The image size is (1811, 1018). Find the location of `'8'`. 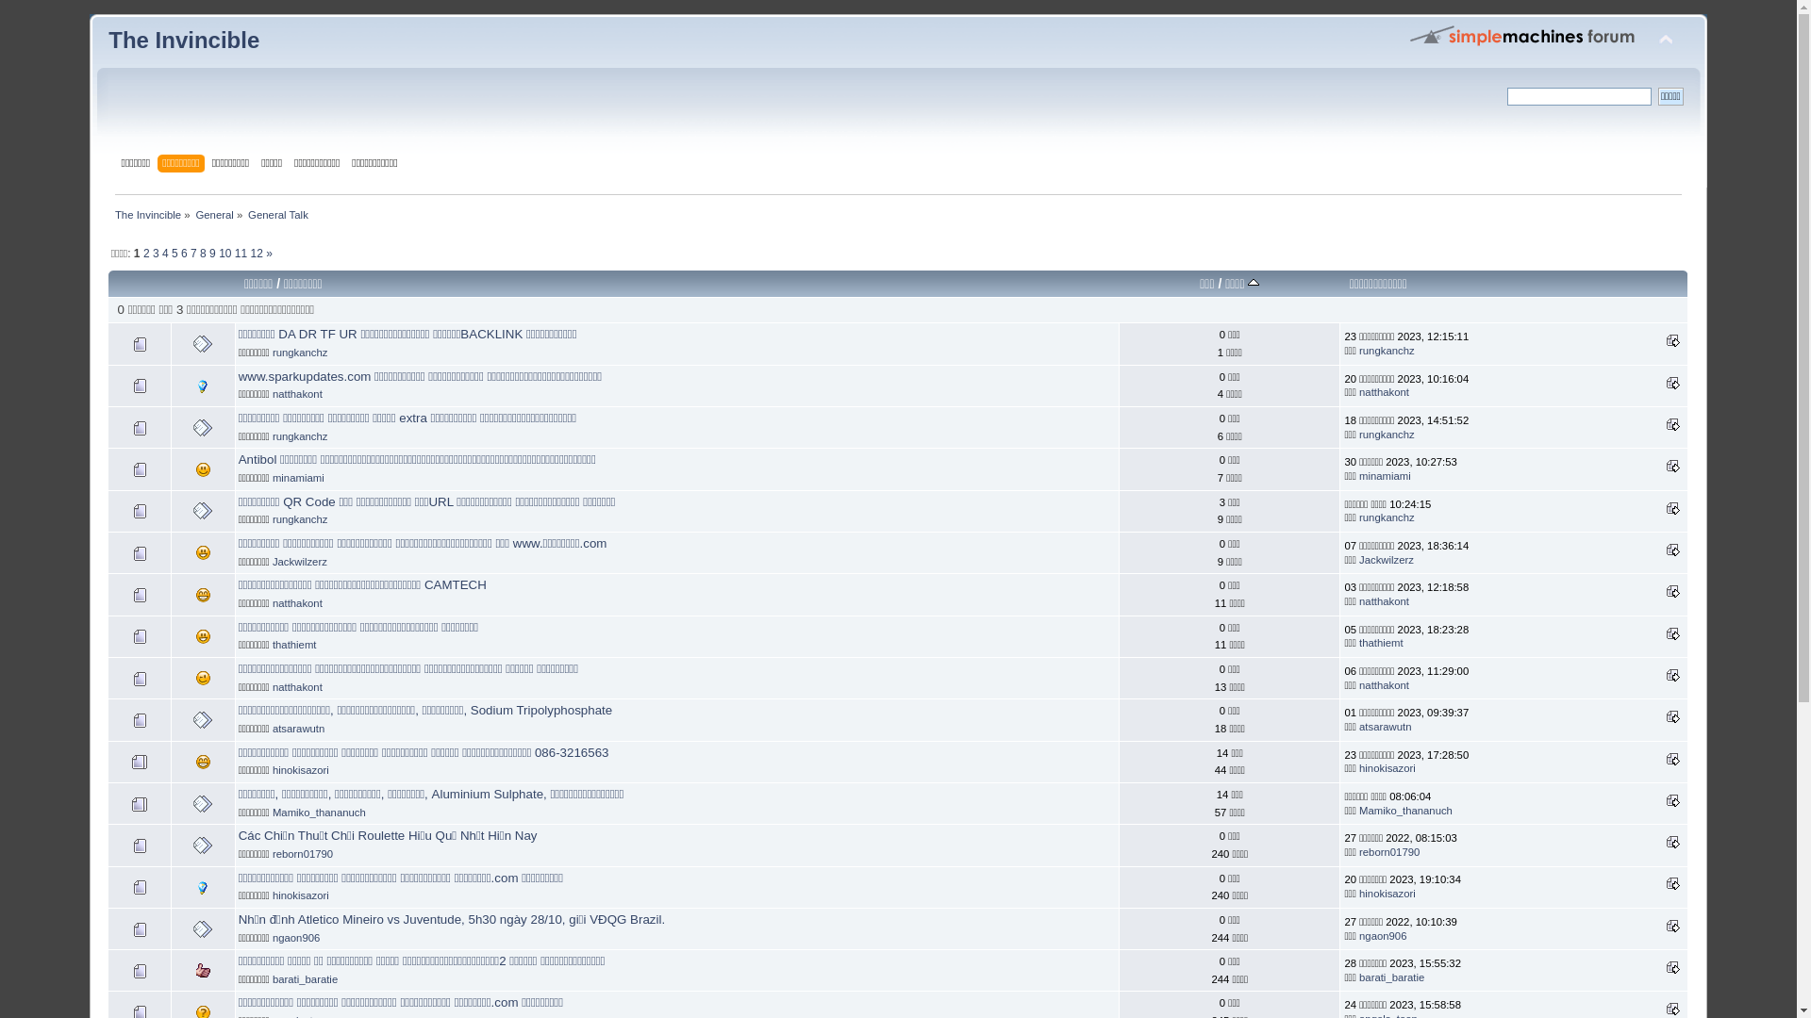

'8' is located at coordinates (203, 253).